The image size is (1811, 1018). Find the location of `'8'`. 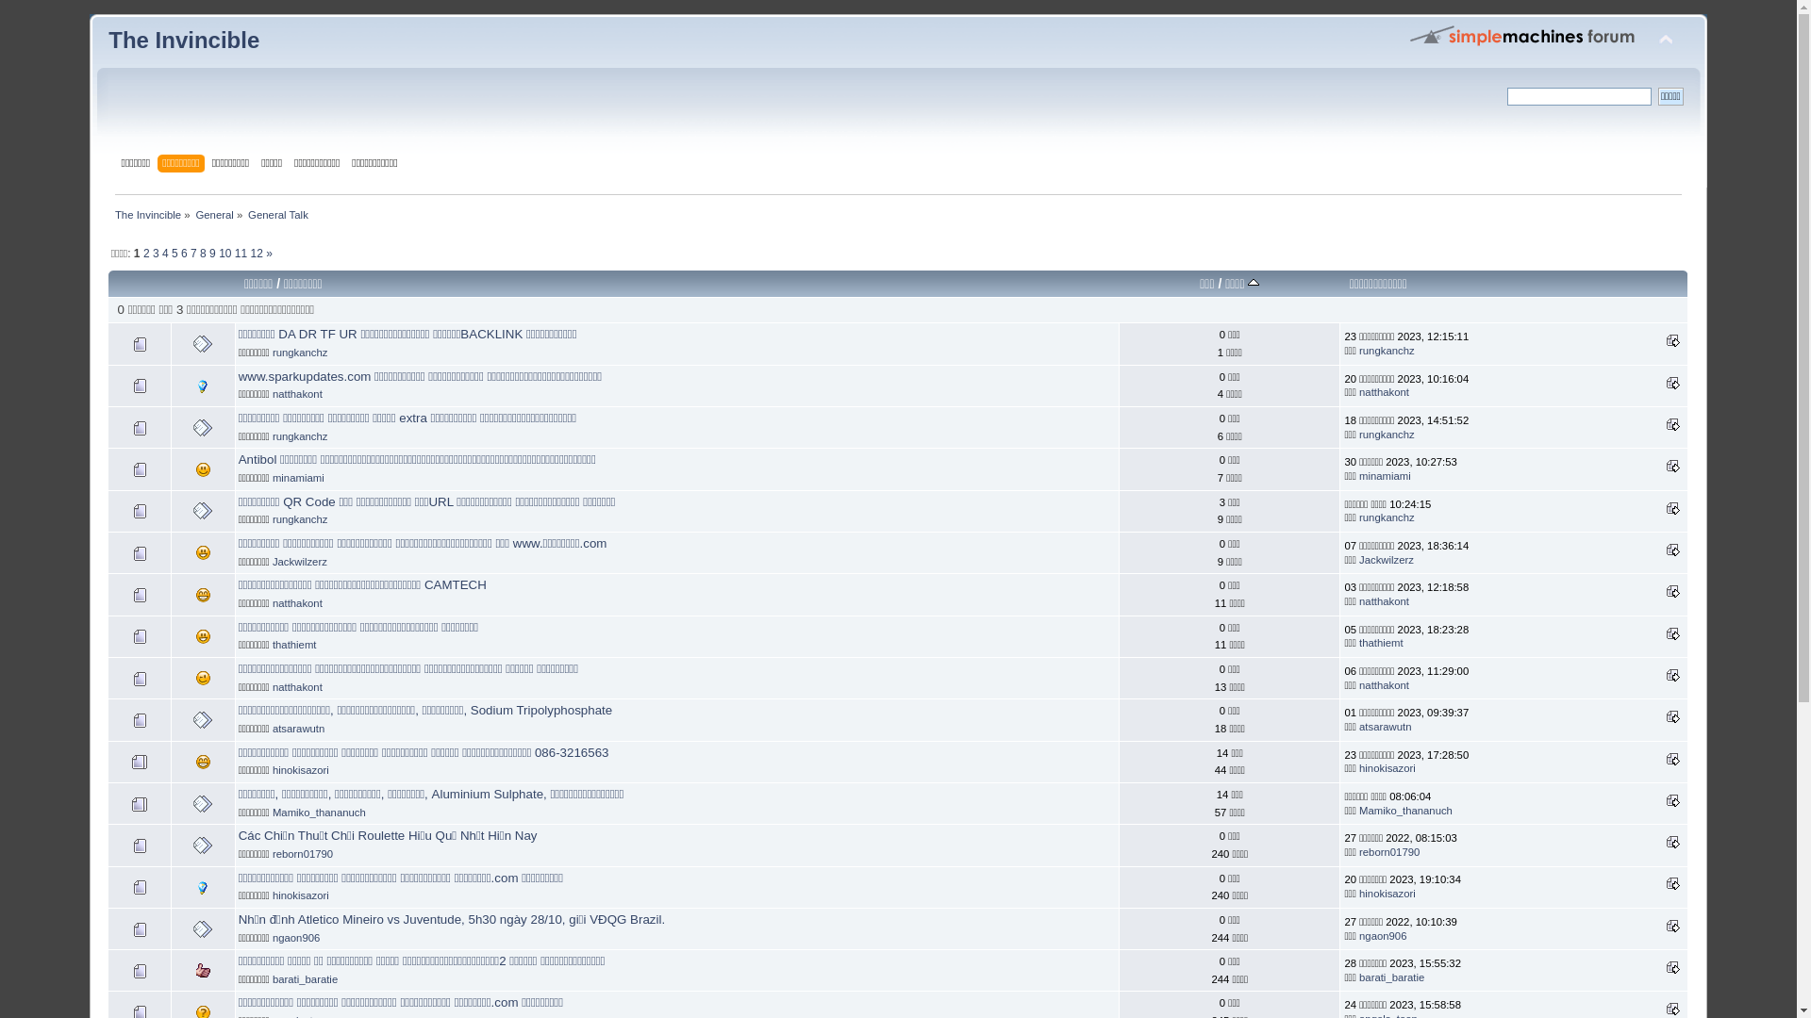

'8' is located at coordinates (203, 253).